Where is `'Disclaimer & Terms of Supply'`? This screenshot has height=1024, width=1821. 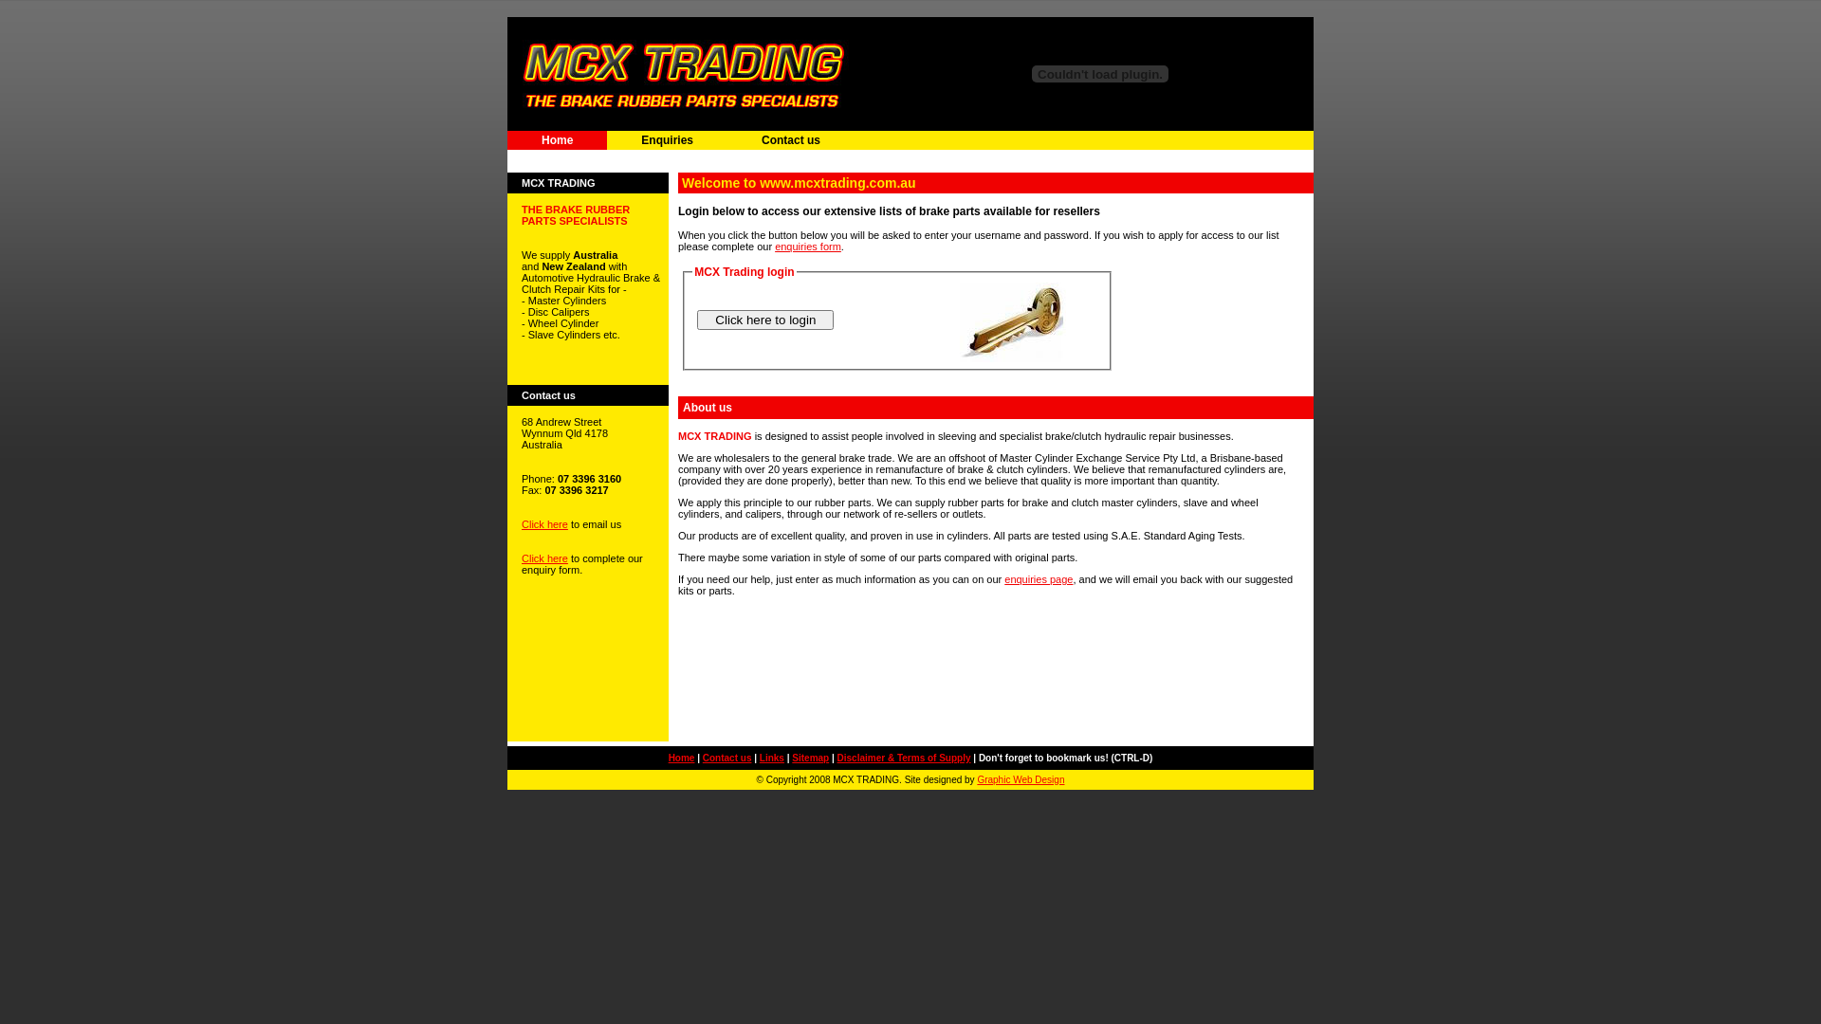
'Disclaimer & Terms of Supply' is located at coordinates (837, 757).